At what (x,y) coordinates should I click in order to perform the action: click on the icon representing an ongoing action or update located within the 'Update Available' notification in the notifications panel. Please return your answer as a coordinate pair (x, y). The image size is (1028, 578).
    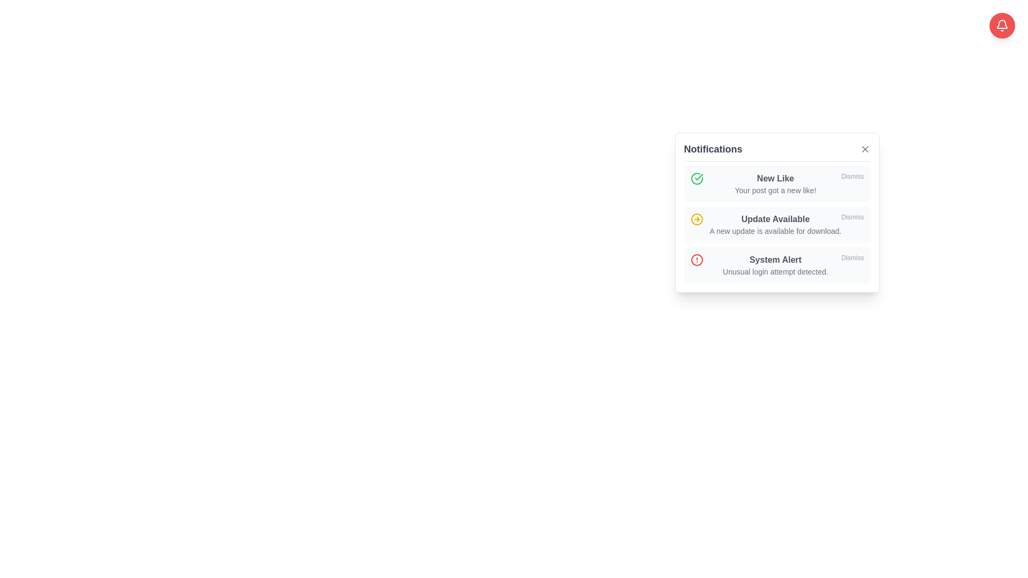
    Looking at the image, I should click on (697, 218).